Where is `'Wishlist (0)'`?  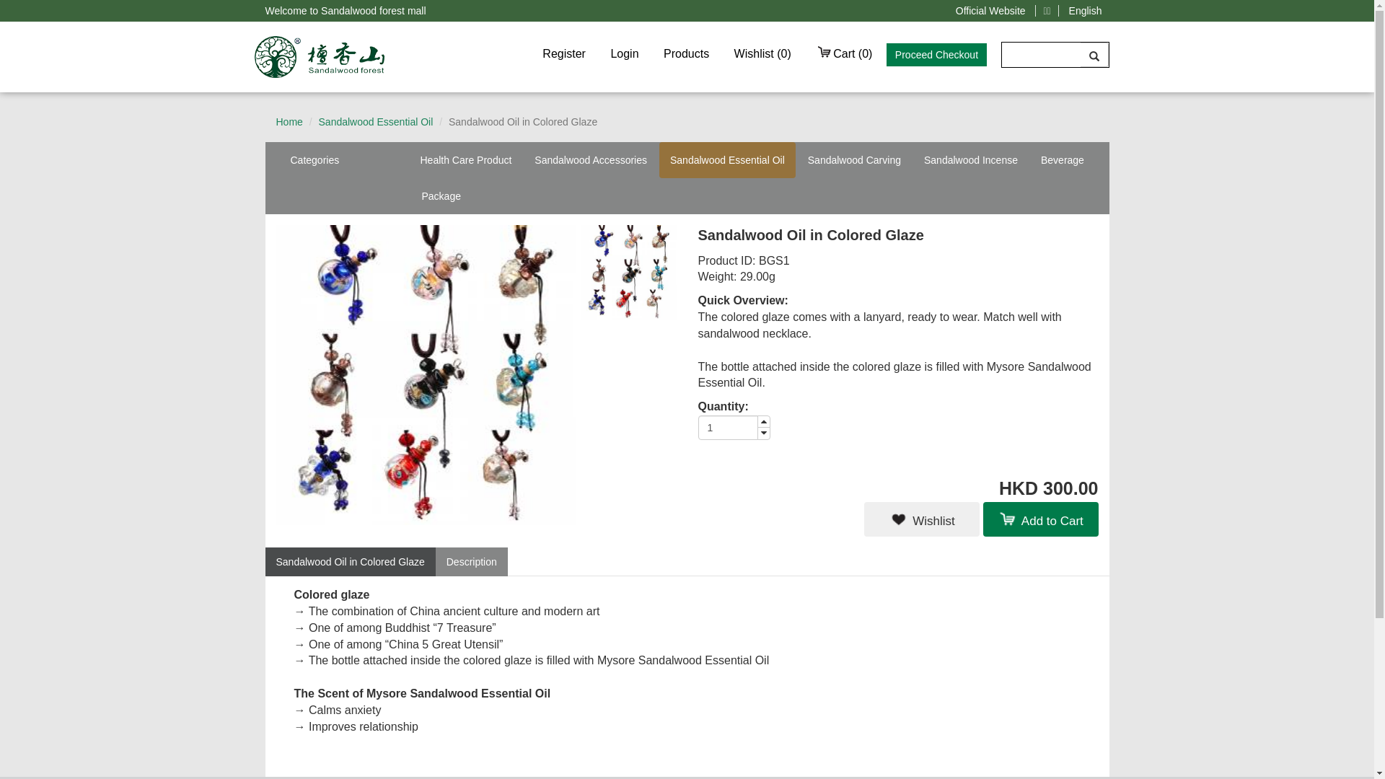
'Wishlist (0)' is located at coordinates (762, 53).